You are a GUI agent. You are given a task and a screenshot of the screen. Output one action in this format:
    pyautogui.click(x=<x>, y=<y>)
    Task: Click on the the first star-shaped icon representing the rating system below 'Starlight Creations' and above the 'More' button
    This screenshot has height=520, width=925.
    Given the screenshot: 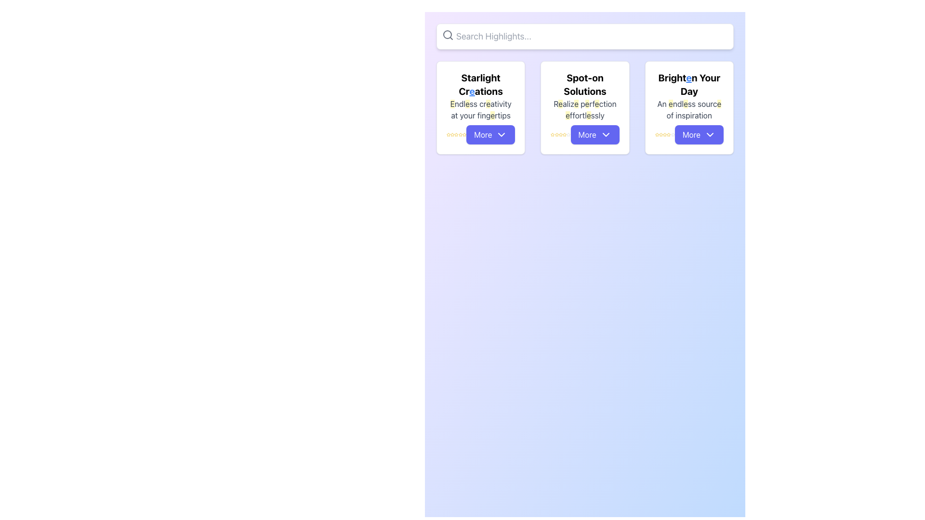 What is the action you would take?
    pyautogui.click(x=448, y=135)
    